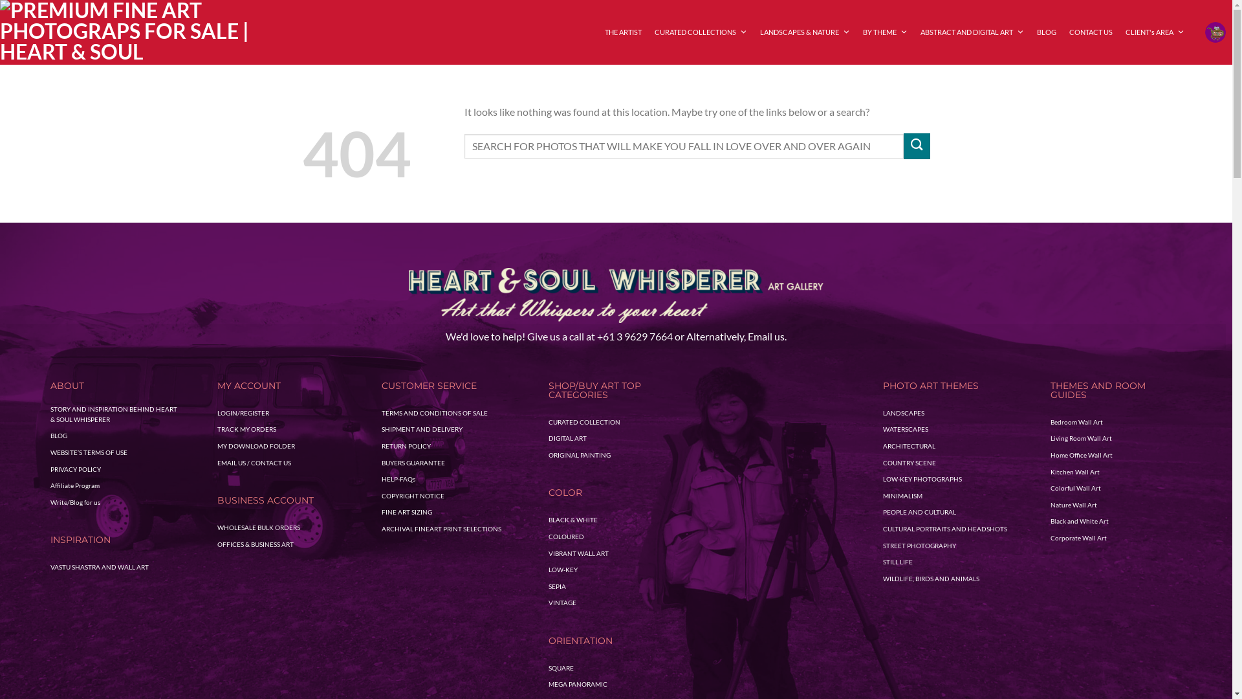  Describe the element at coordinates (98, 566) in the screenshot. I see `'VASTU SHASTRA AND WALL ART'` at that location.